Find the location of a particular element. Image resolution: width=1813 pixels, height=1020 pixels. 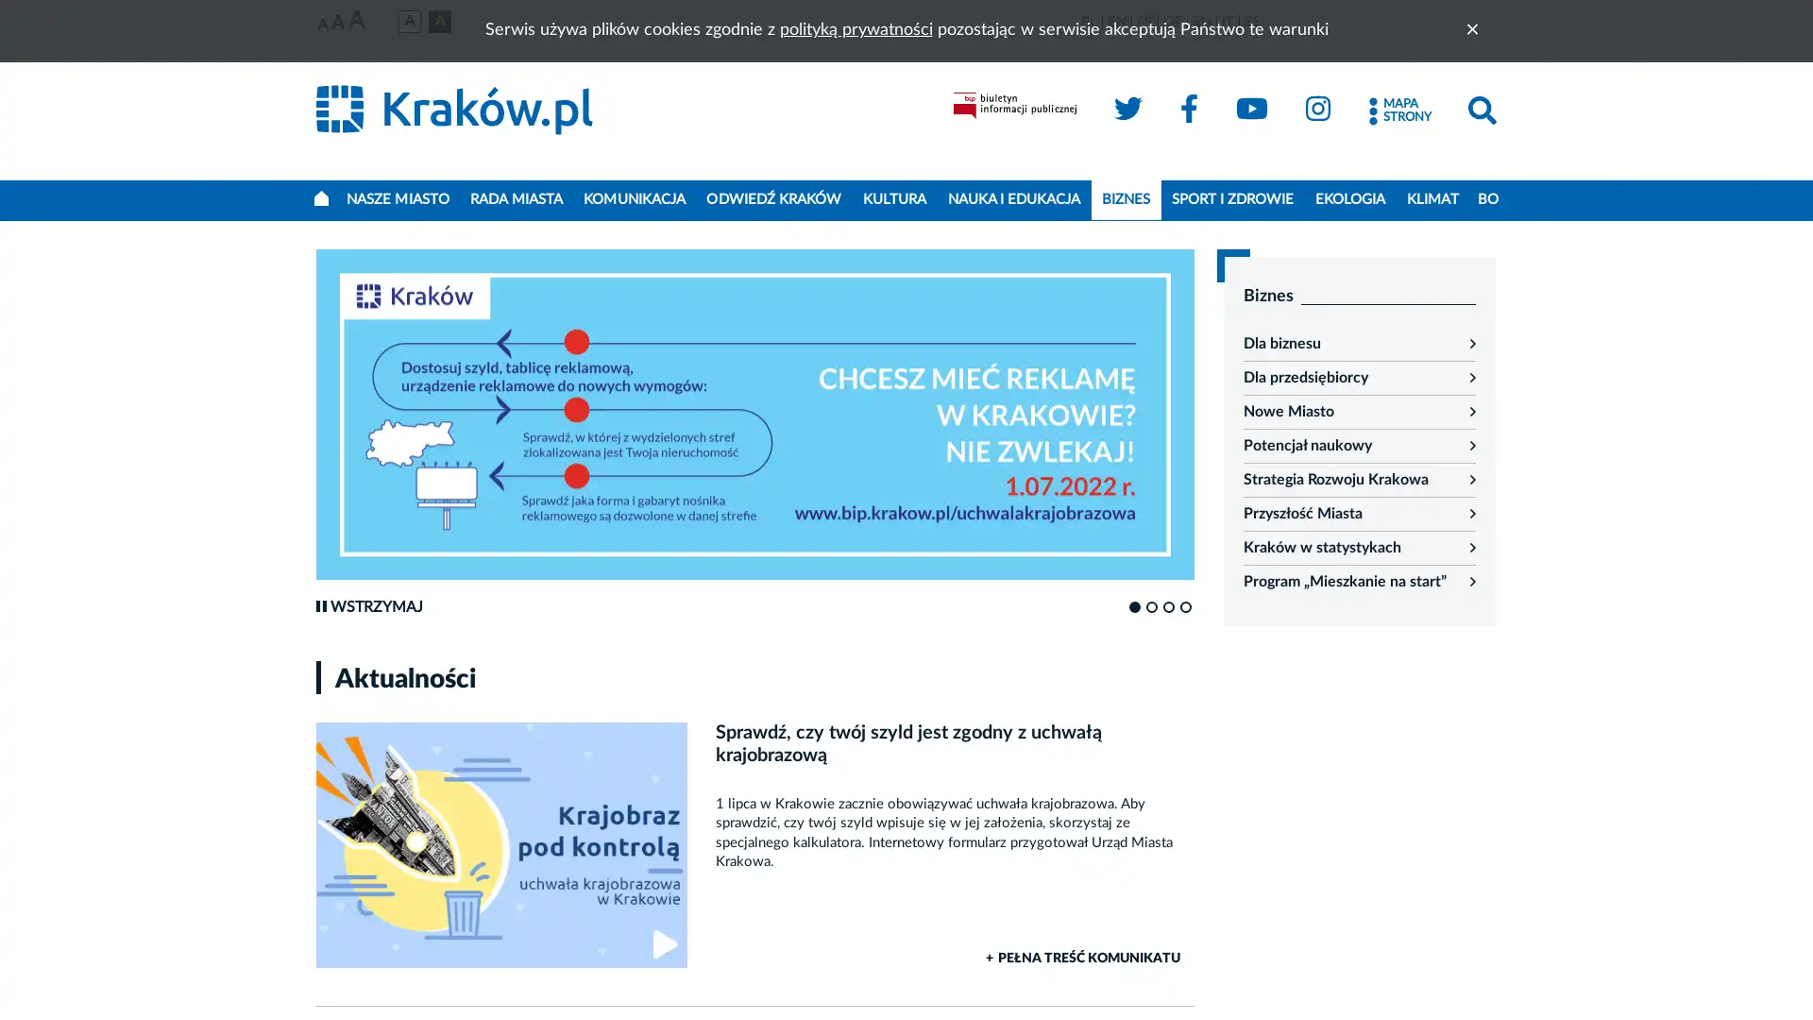

Wersja czarno-zota is located at coordinates (438, 21).